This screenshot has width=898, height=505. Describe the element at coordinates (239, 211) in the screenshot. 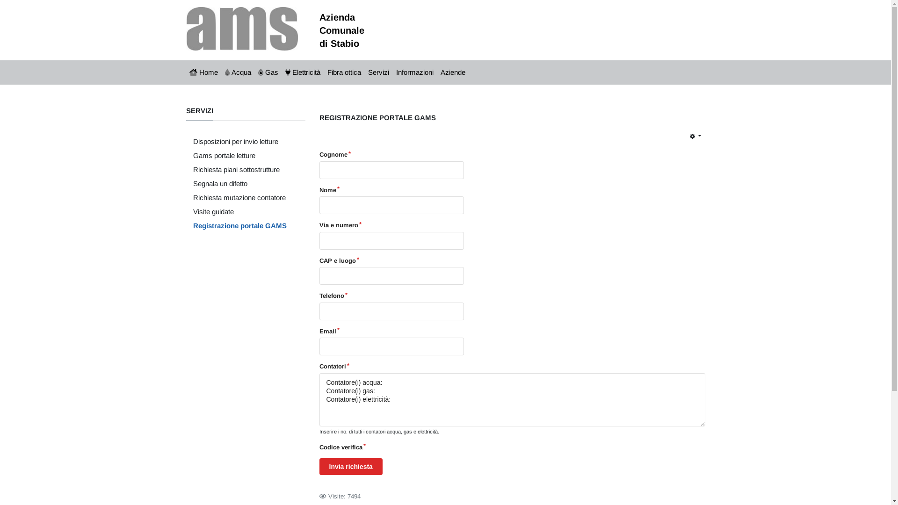

I see `'Visite guidate'` at that location.